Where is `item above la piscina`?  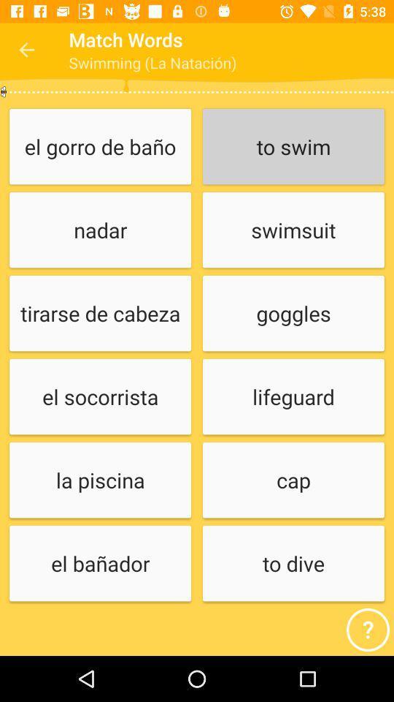 item above la piscina is located at coordinates (99, 397).